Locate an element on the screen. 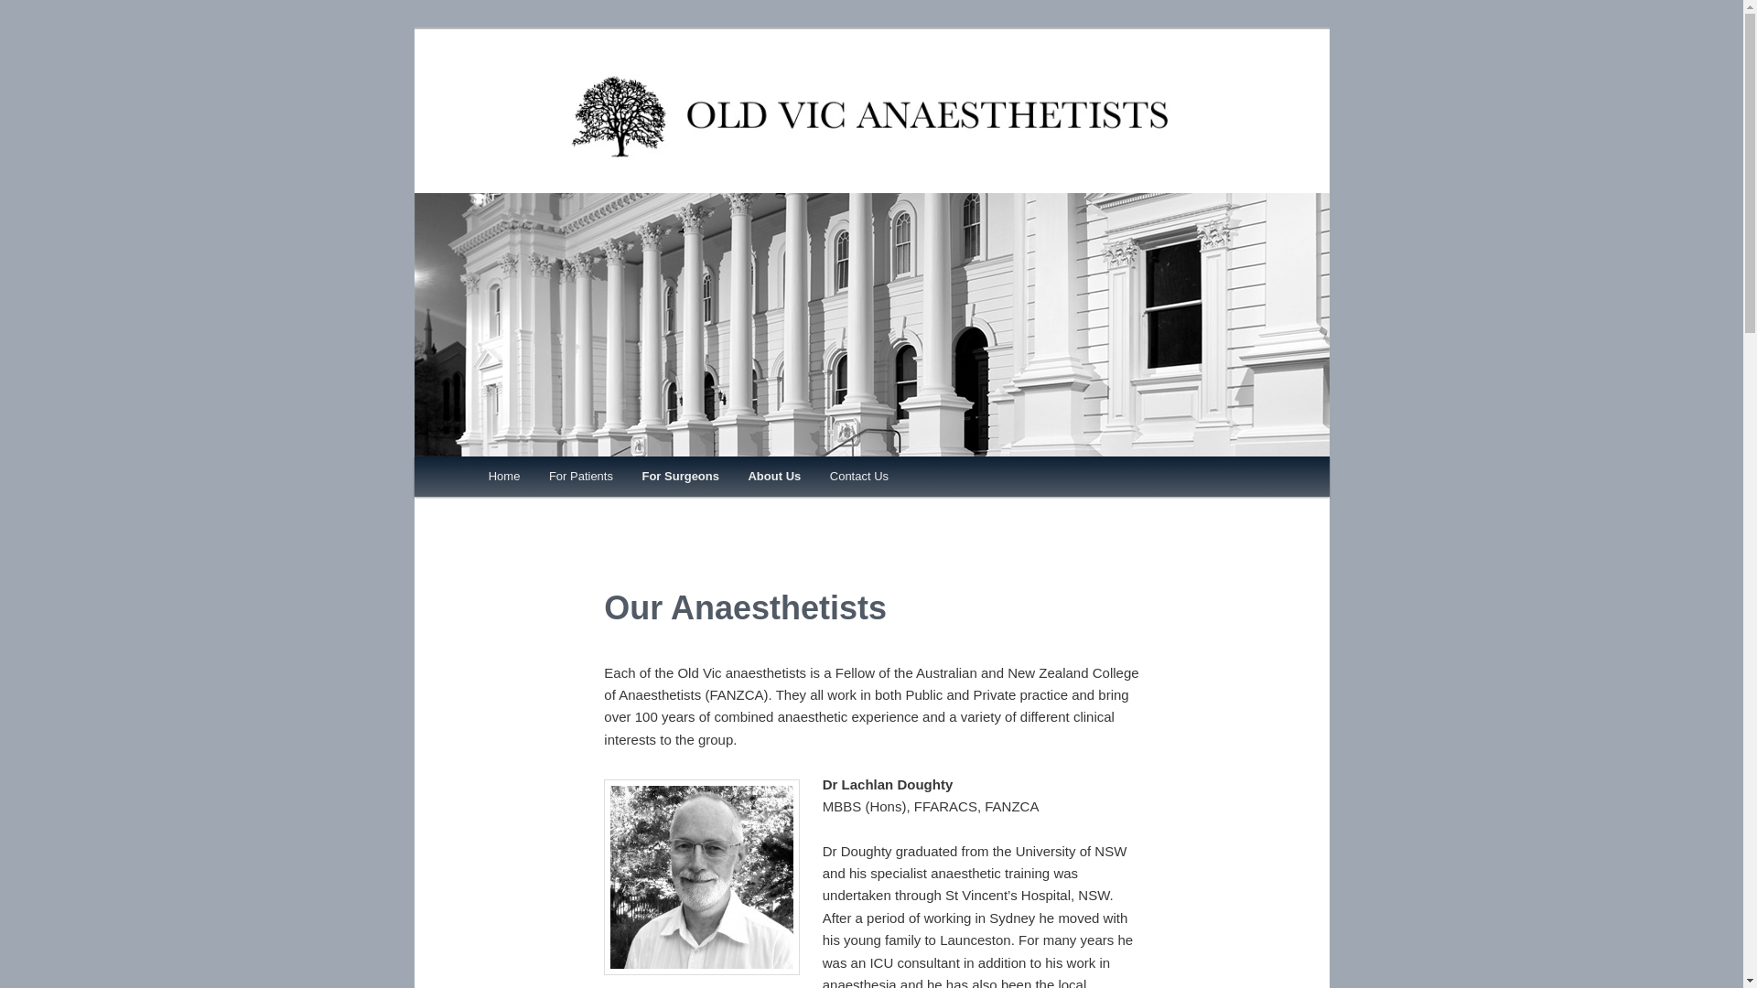 The image size is (1757, 988). 'For Surgeons' is located at coordinates (680, 475).